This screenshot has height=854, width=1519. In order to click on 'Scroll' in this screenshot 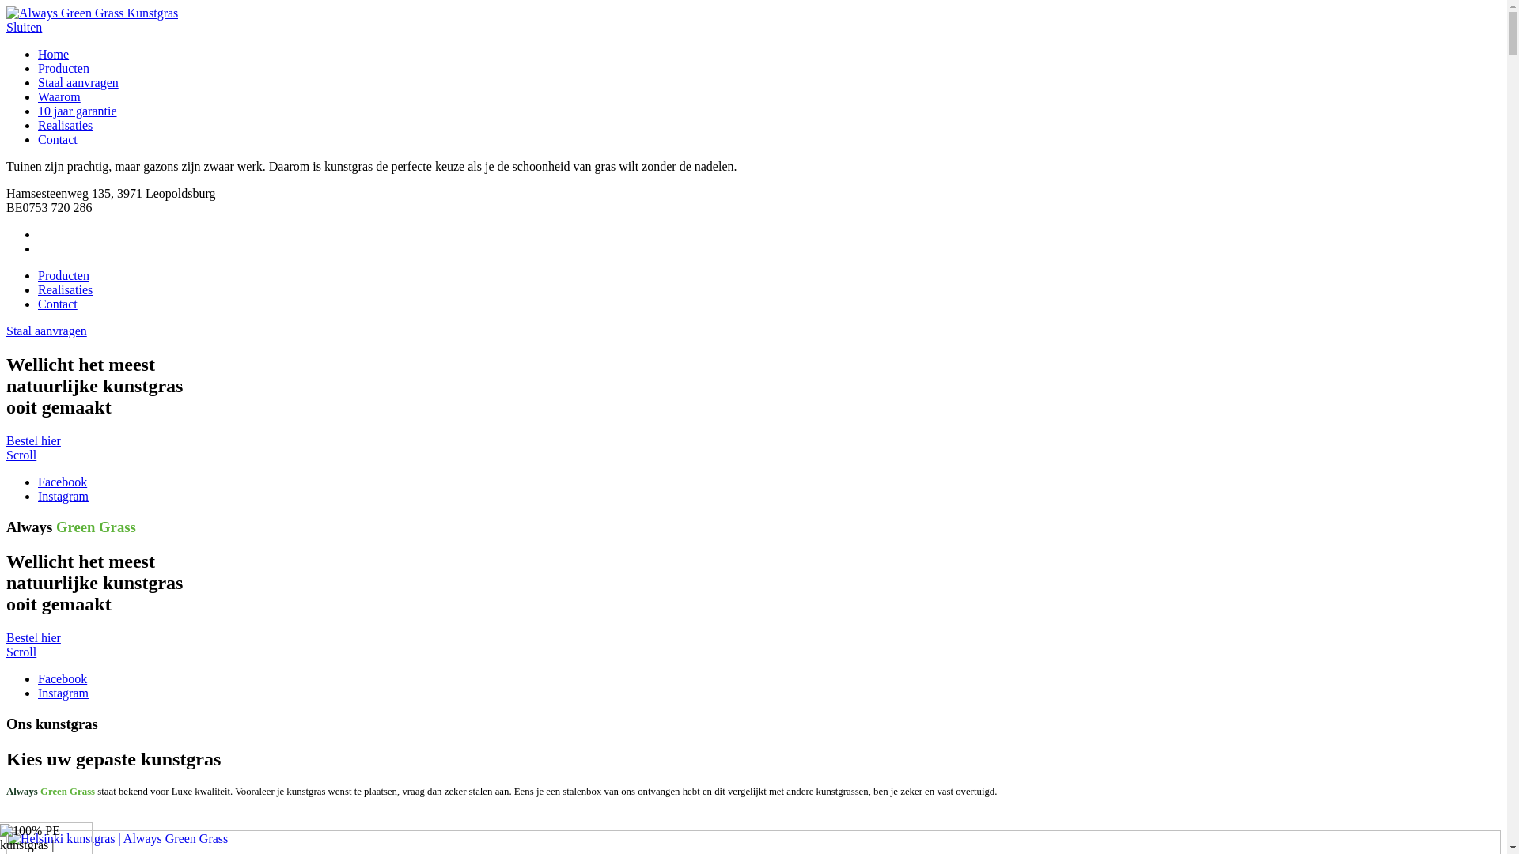, I will do `click(21, 652)`.